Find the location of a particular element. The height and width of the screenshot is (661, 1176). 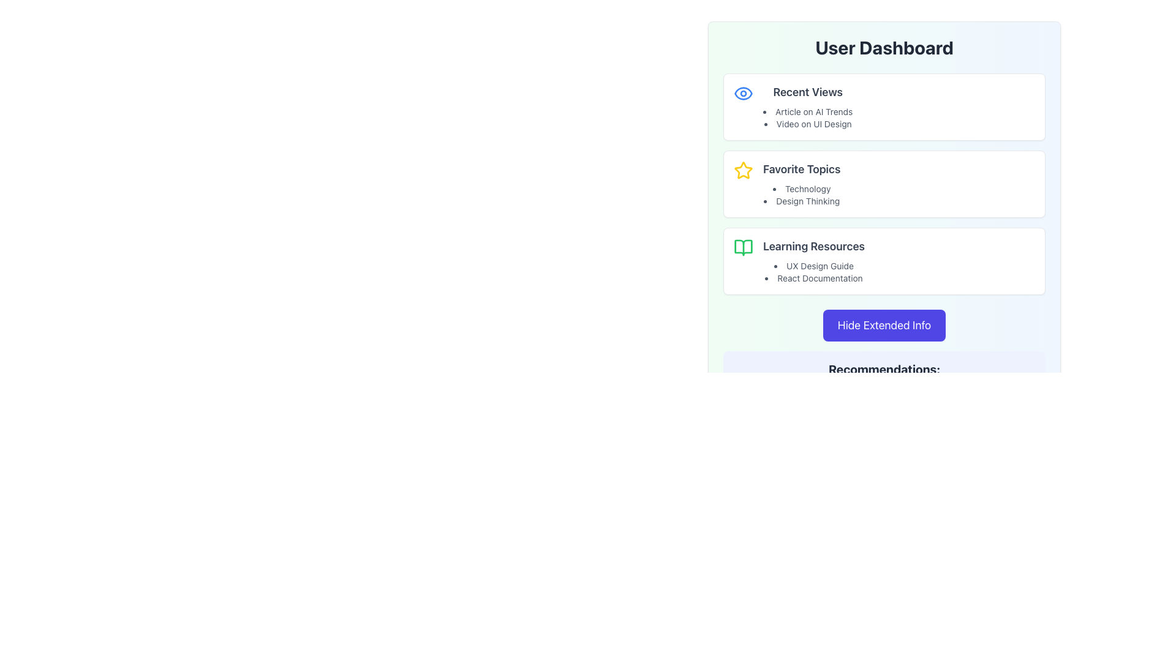

the star icon in the 'Favorite Topics' section, located in the upper-left area of the second card on the dashboard interface is located at coordinates (743, 170).